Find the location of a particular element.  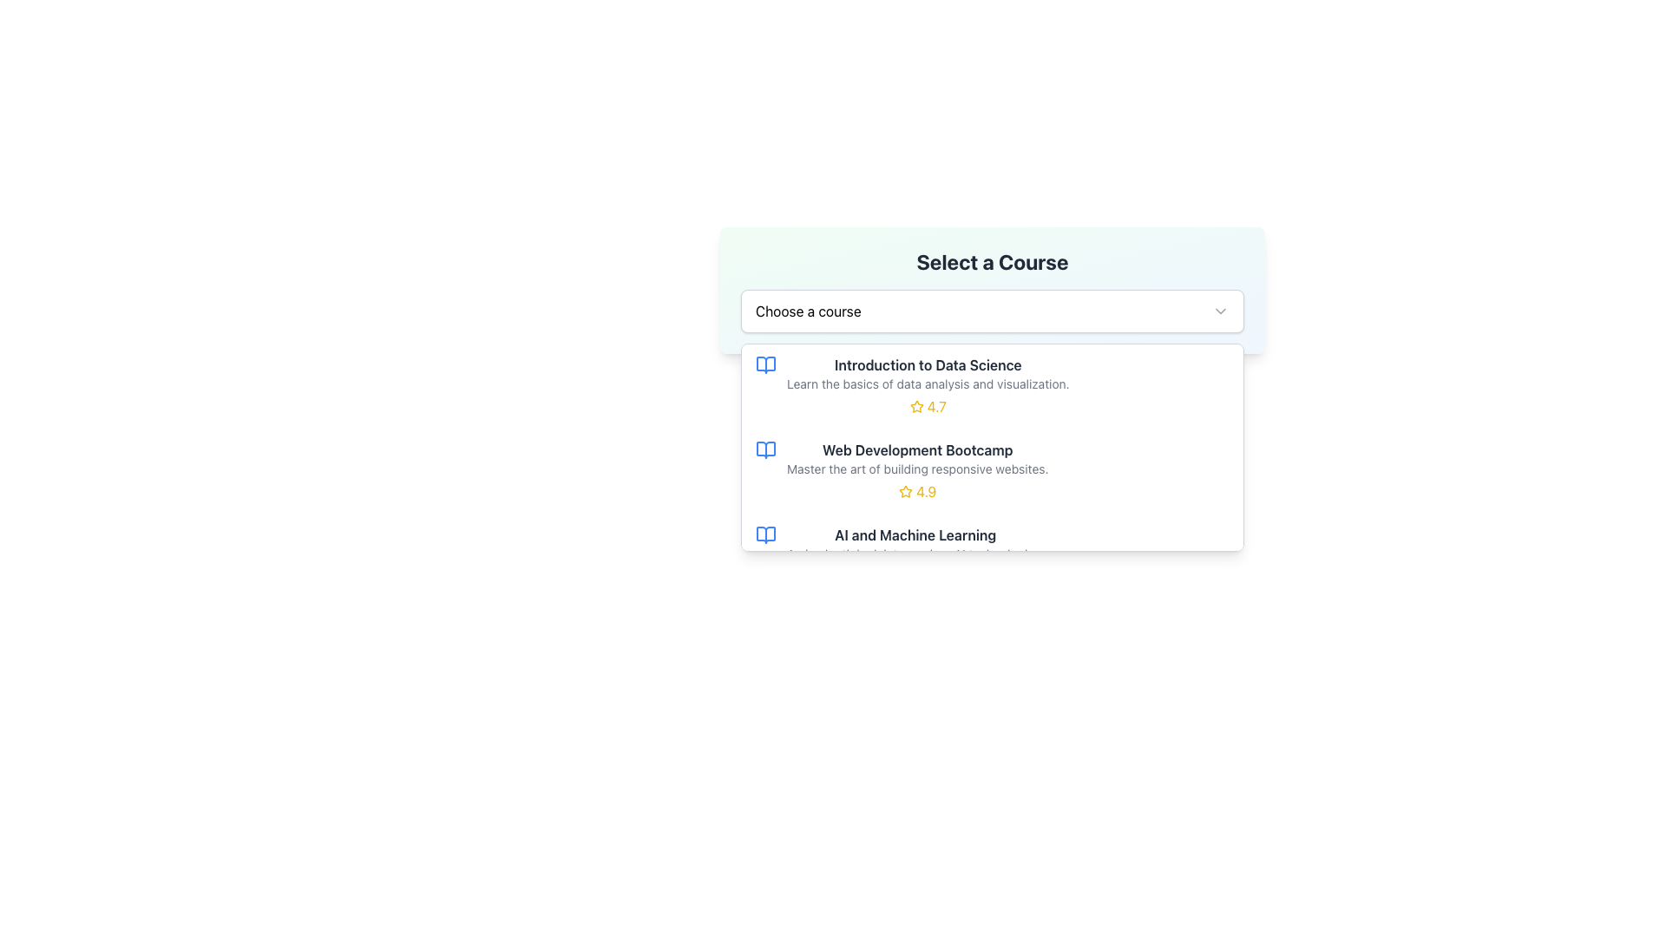

the title text element for the course 'Web Development Bootcamp', which is positioned above the description text and adjacent to the rating section is located at coordinates (916, 449).